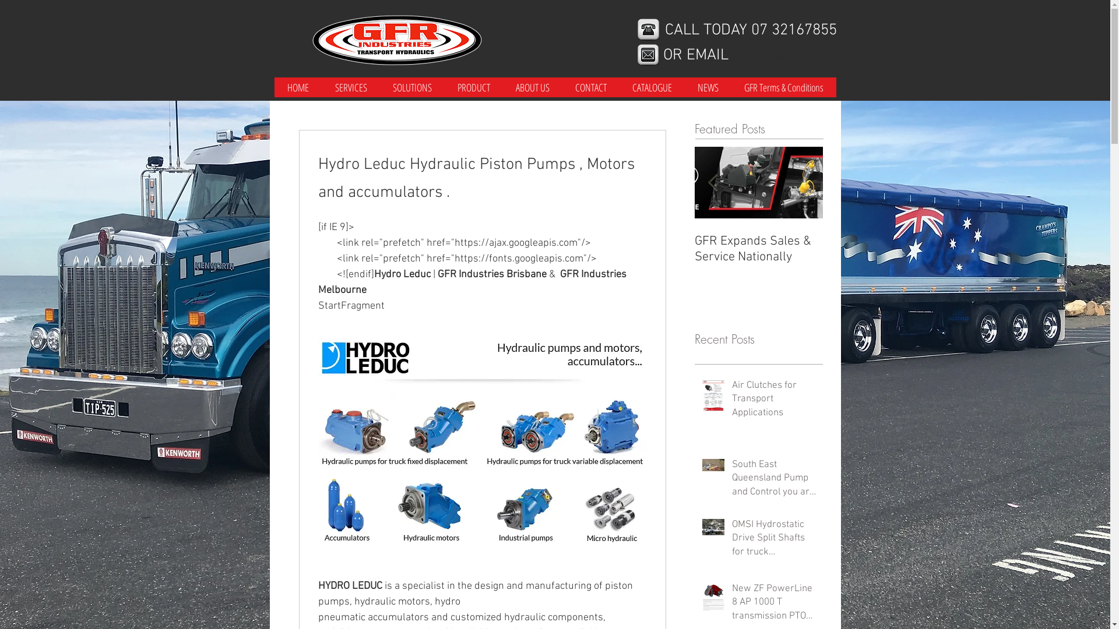 Image resolution: width=1119 pixels, height=629 pixels. What do you see at coordinates (473, 87) in the screenshot?
I see `'PRODUCT'` at bounding box center [473, 87].